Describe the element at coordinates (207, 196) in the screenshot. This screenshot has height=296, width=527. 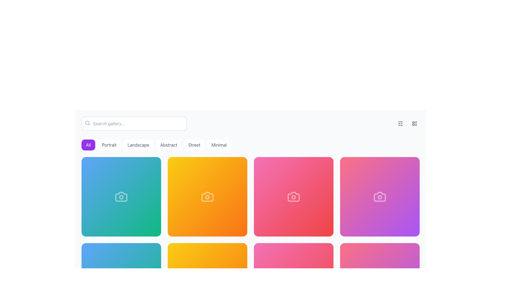
I see `the vector graphic component of the camera icon located in the second card of the first row, which is part of an orange gradient card layout` at that location.